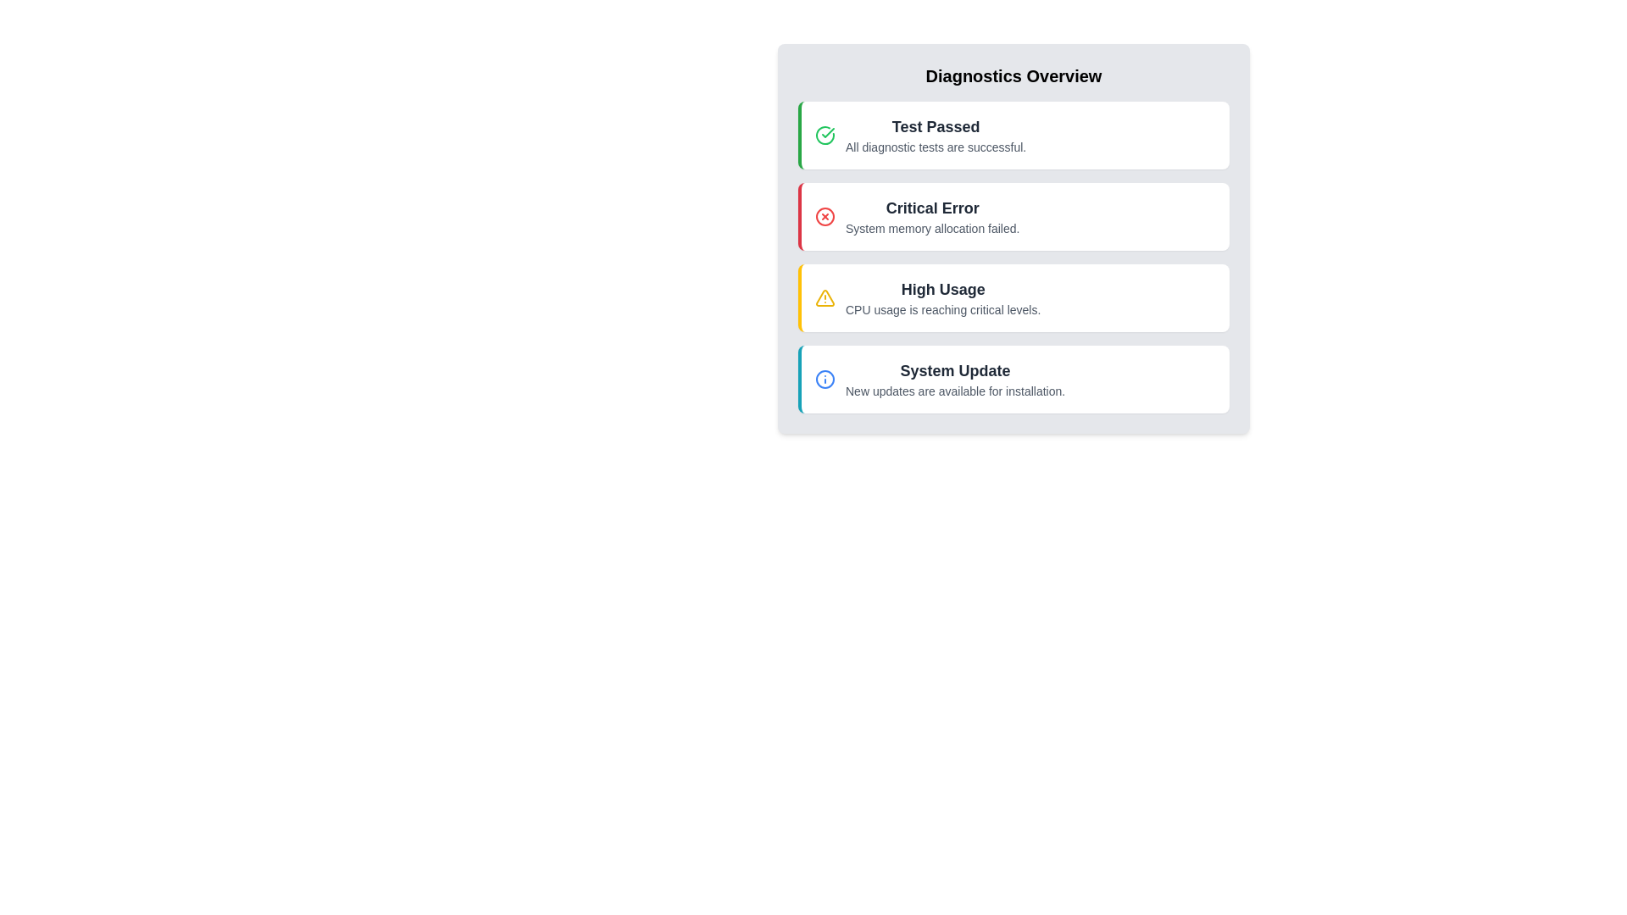 This screenshot has height=915, width=1627. What do you see at coordinates (955, 391) in the screenshot?
I see `the informational text located beneath the heading 'System Update' in the fourth diagnostic block of the 'Diagnostics Overview' section` at bounding box center [955, 391].